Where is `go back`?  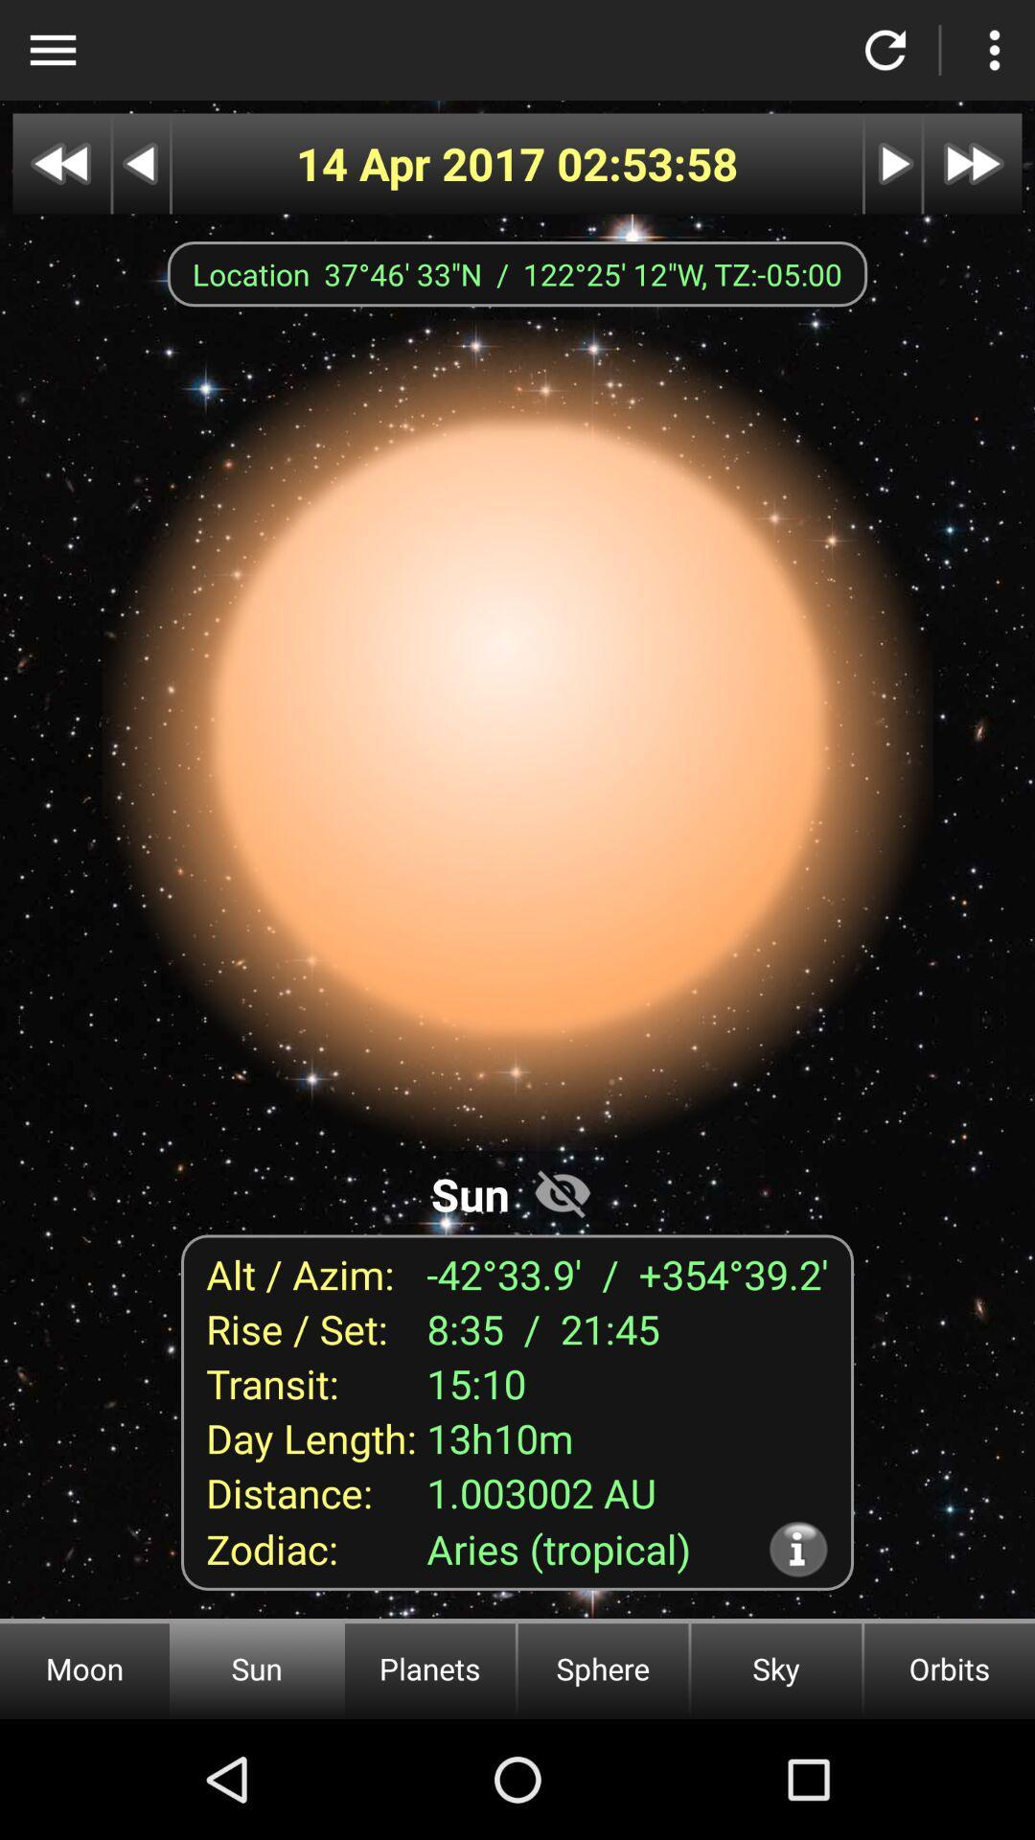
go back is located at coordinates (60, 164).